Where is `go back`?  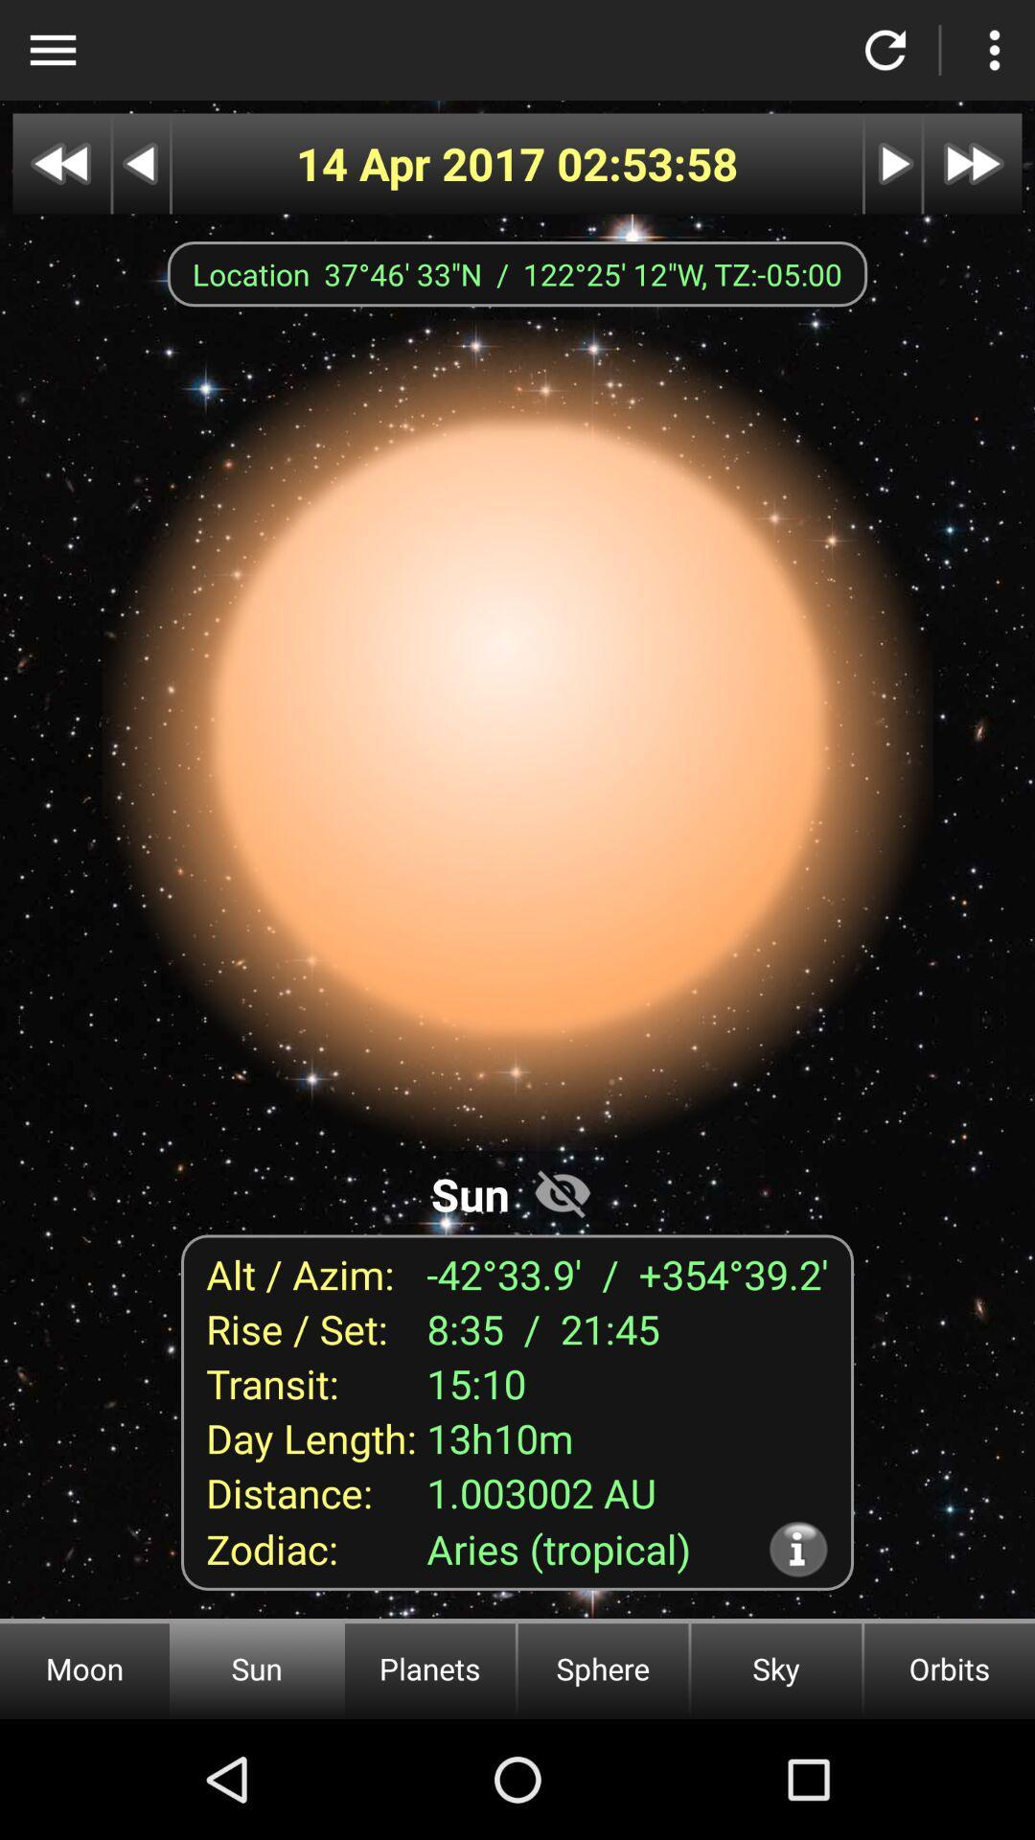
go back is located at coordinates (60, 164).